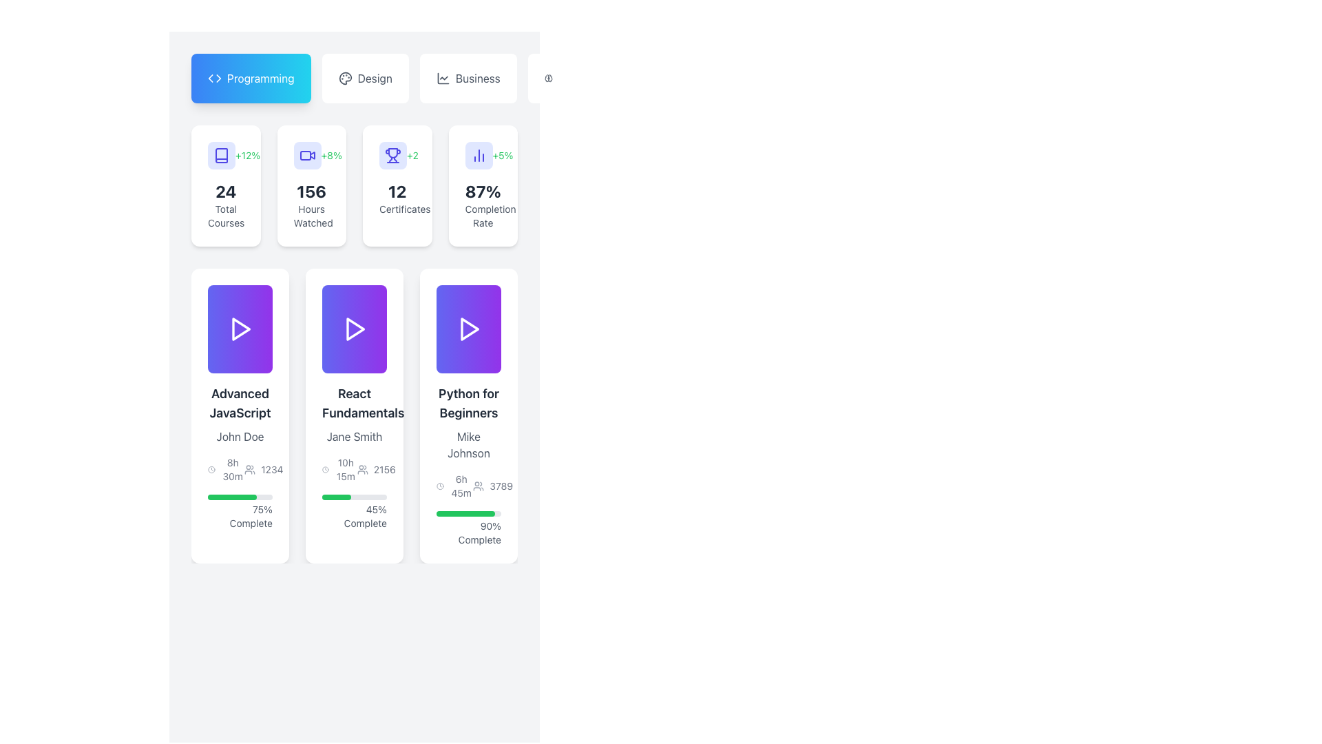 The width and height of the screenshot is (1322, 744). Describe the element at coordinates (354, 436) in the screenshot. I see `the Text label displaying the name 'Jane Smith', which is located under the title 'React Fundamentals' and centered within the second card in the row` at that location.